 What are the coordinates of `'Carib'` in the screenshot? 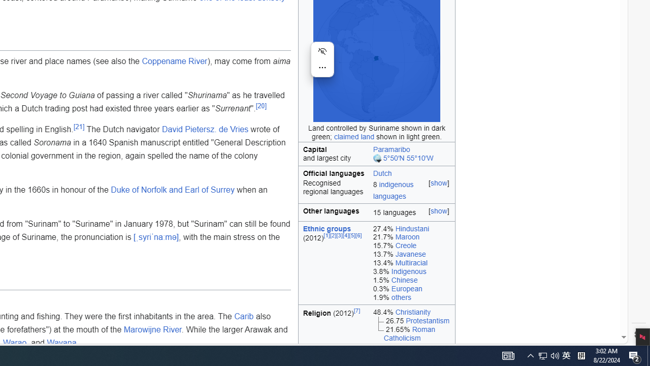 It's located at (244, 316).